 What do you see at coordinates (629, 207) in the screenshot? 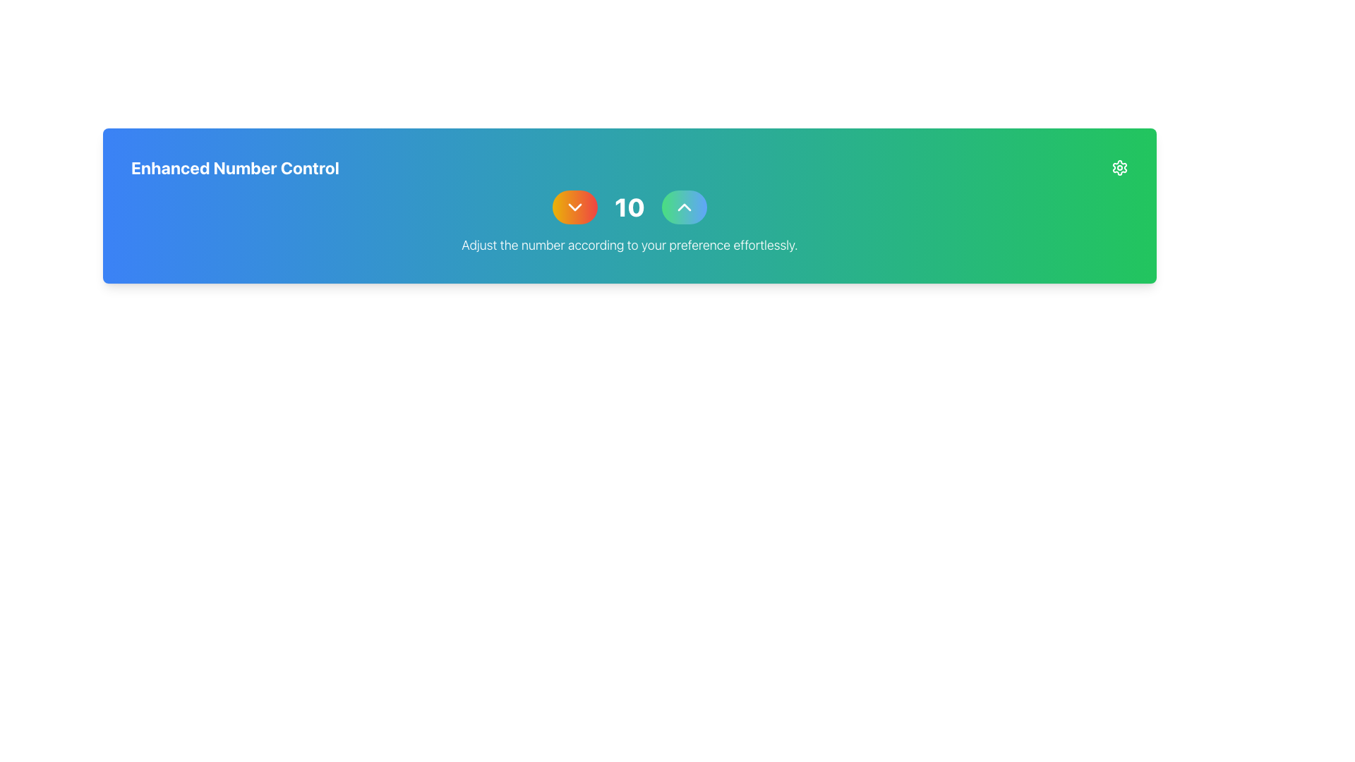
I see `the bold, large-sized numeric label displaying the number '10', styled in white color against a gradient background, positioned at the center of a horizontal group with buttons on either side` at bounding box center [629, 207].